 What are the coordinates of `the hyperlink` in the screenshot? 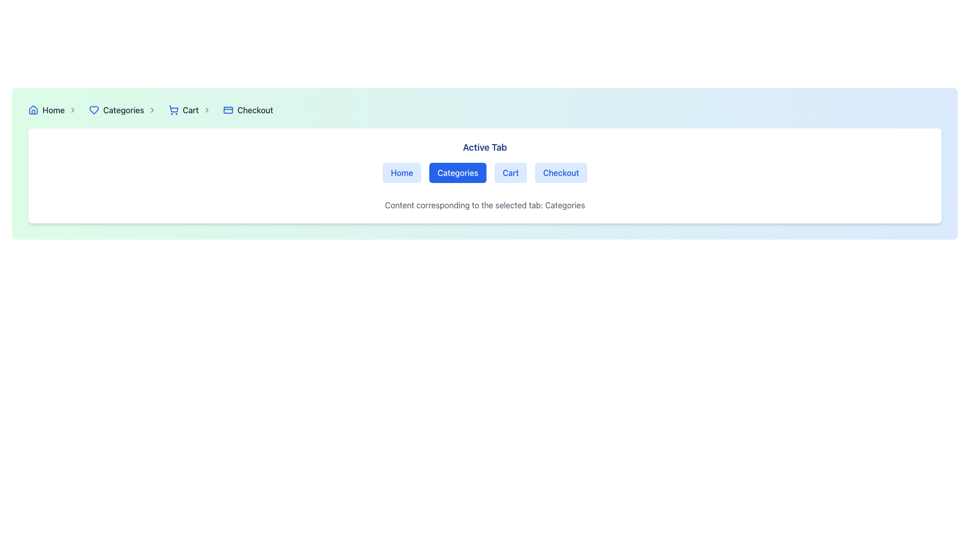 It's located at (255, 110).